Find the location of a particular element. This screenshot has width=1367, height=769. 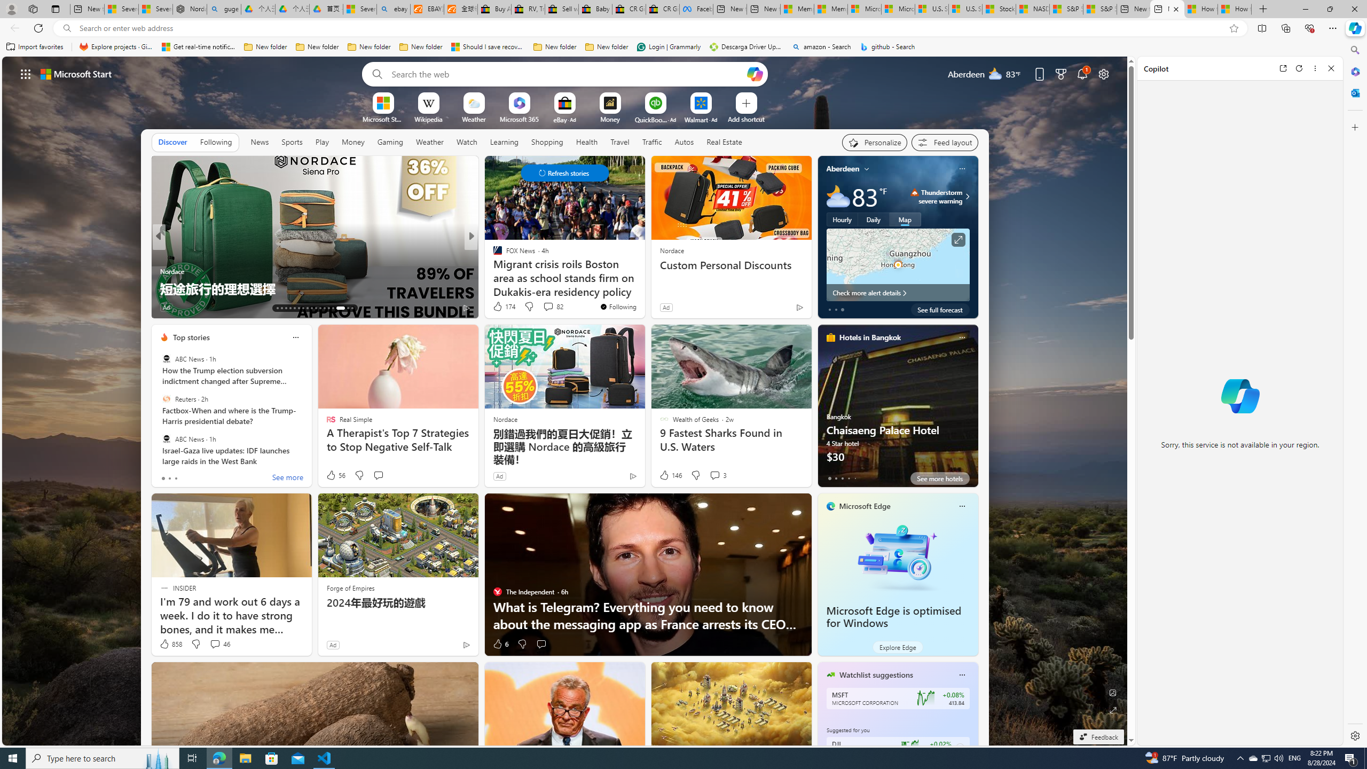

'Start the conversation' is located at coordinates (540, 644).